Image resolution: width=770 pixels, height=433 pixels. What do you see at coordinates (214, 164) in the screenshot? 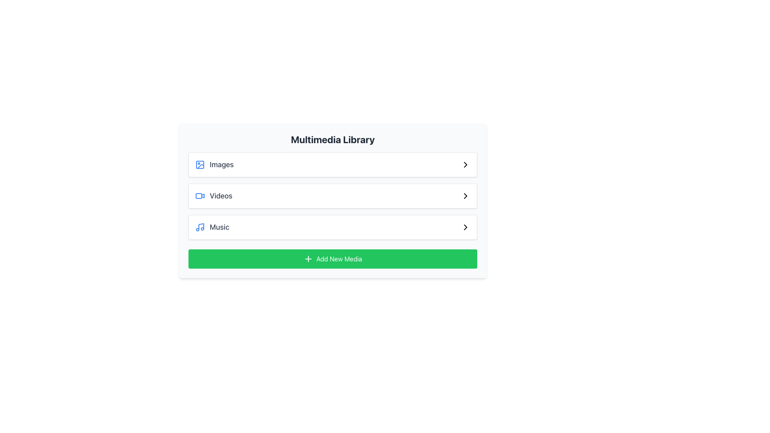
I see `the first menu option in the 'Multimedia Library' box` at bounding box center [214, 164].